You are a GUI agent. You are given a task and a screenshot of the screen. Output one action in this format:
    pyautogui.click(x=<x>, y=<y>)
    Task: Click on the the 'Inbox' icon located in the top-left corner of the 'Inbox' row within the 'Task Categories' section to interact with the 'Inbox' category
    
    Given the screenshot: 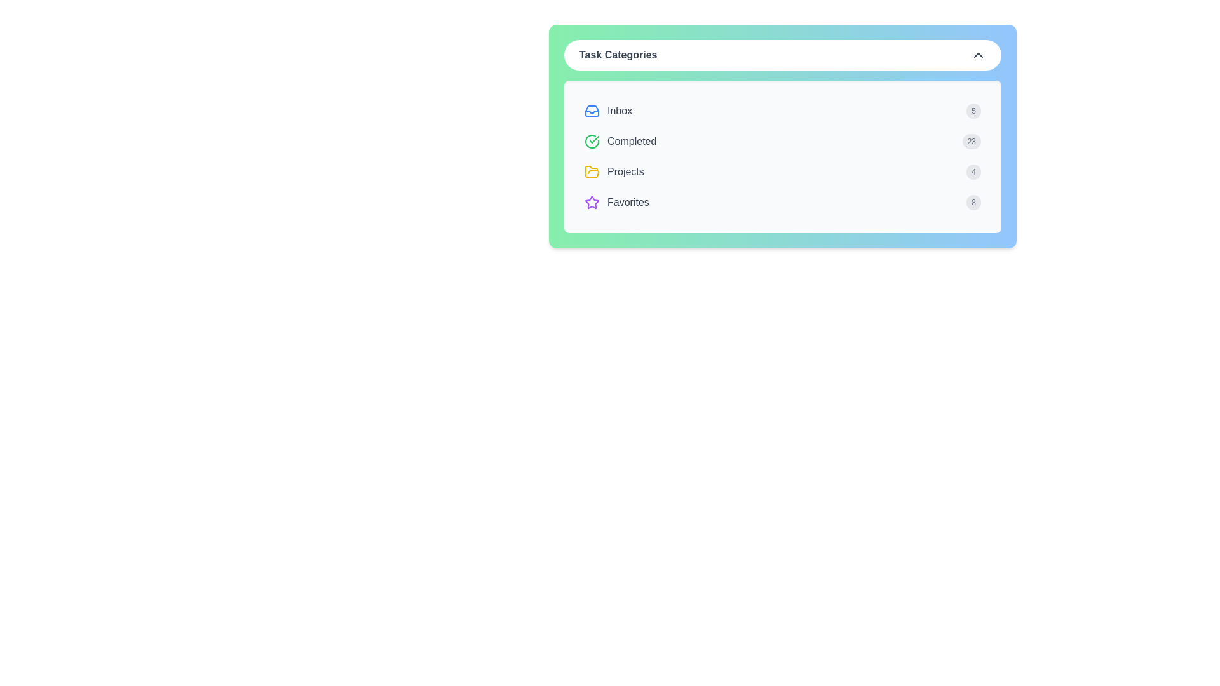 What is the action you would take?
    pyautogui.click(x=591, y=110)
    